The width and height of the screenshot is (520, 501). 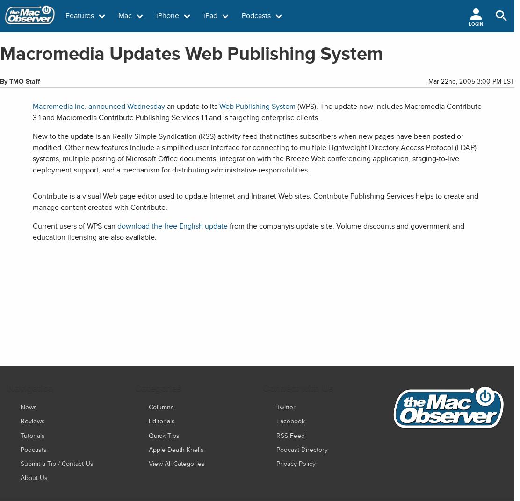 I want to click on 'View All Categories', so click(x=148, y=463).